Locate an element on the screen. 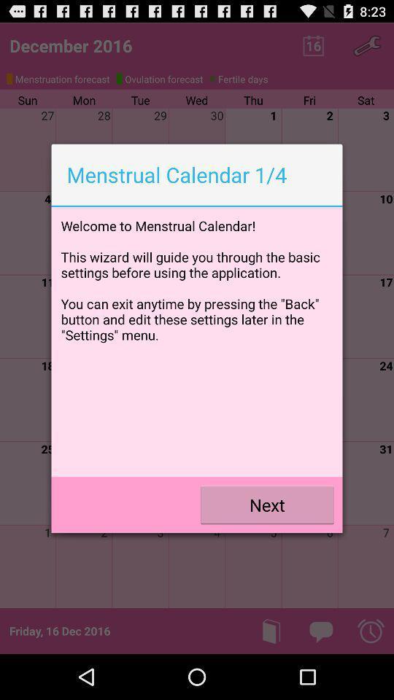  app below the welcome to menstrual is located at coordinates (266, 505).